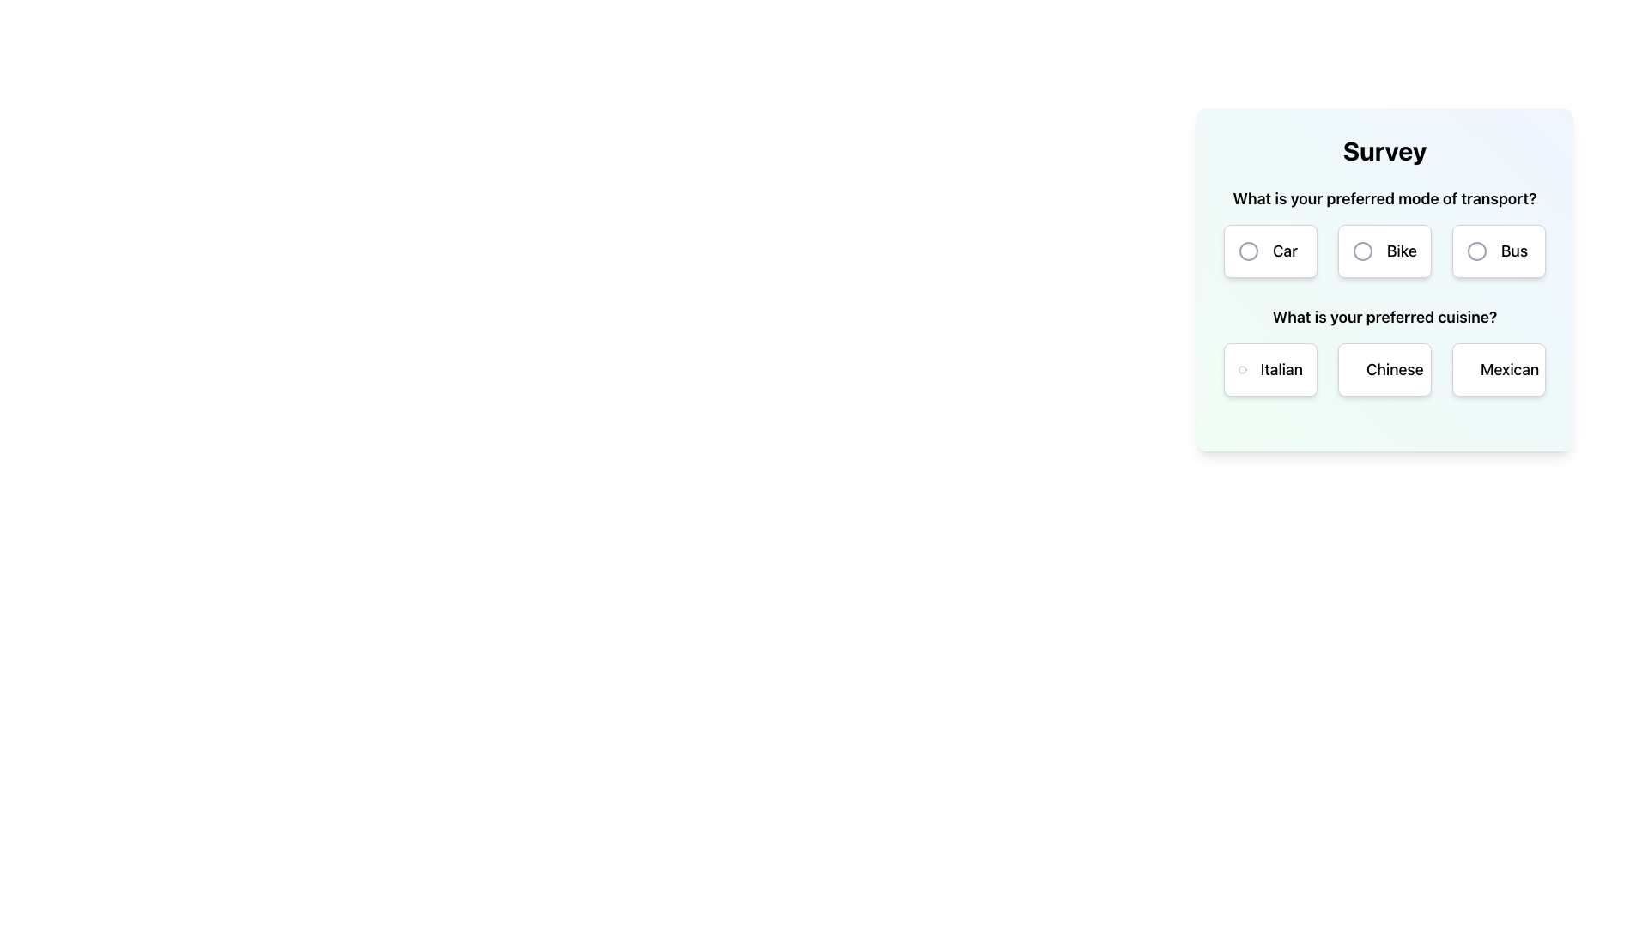 The image size is (1648, 927). I want to click on the circular selector for 'Mexican' cuisine option in the survey to receive interaction feedback, so click(1476, 369).